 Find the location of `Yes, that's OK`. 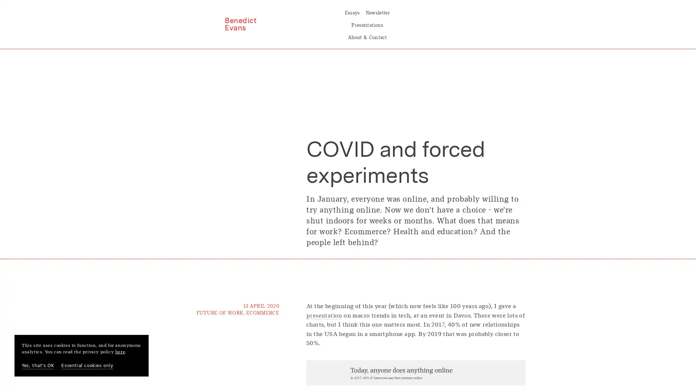

Yes, that's OK is located at coordinates (37, 366).